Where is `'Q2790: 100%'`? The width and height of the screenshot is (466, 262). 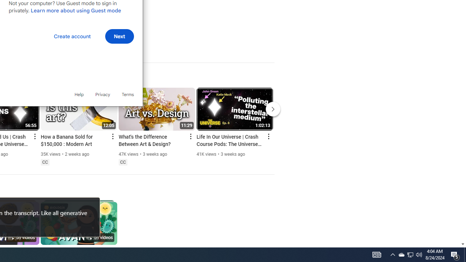 'Q2790: 100%' is located at coordinates (410, 254).